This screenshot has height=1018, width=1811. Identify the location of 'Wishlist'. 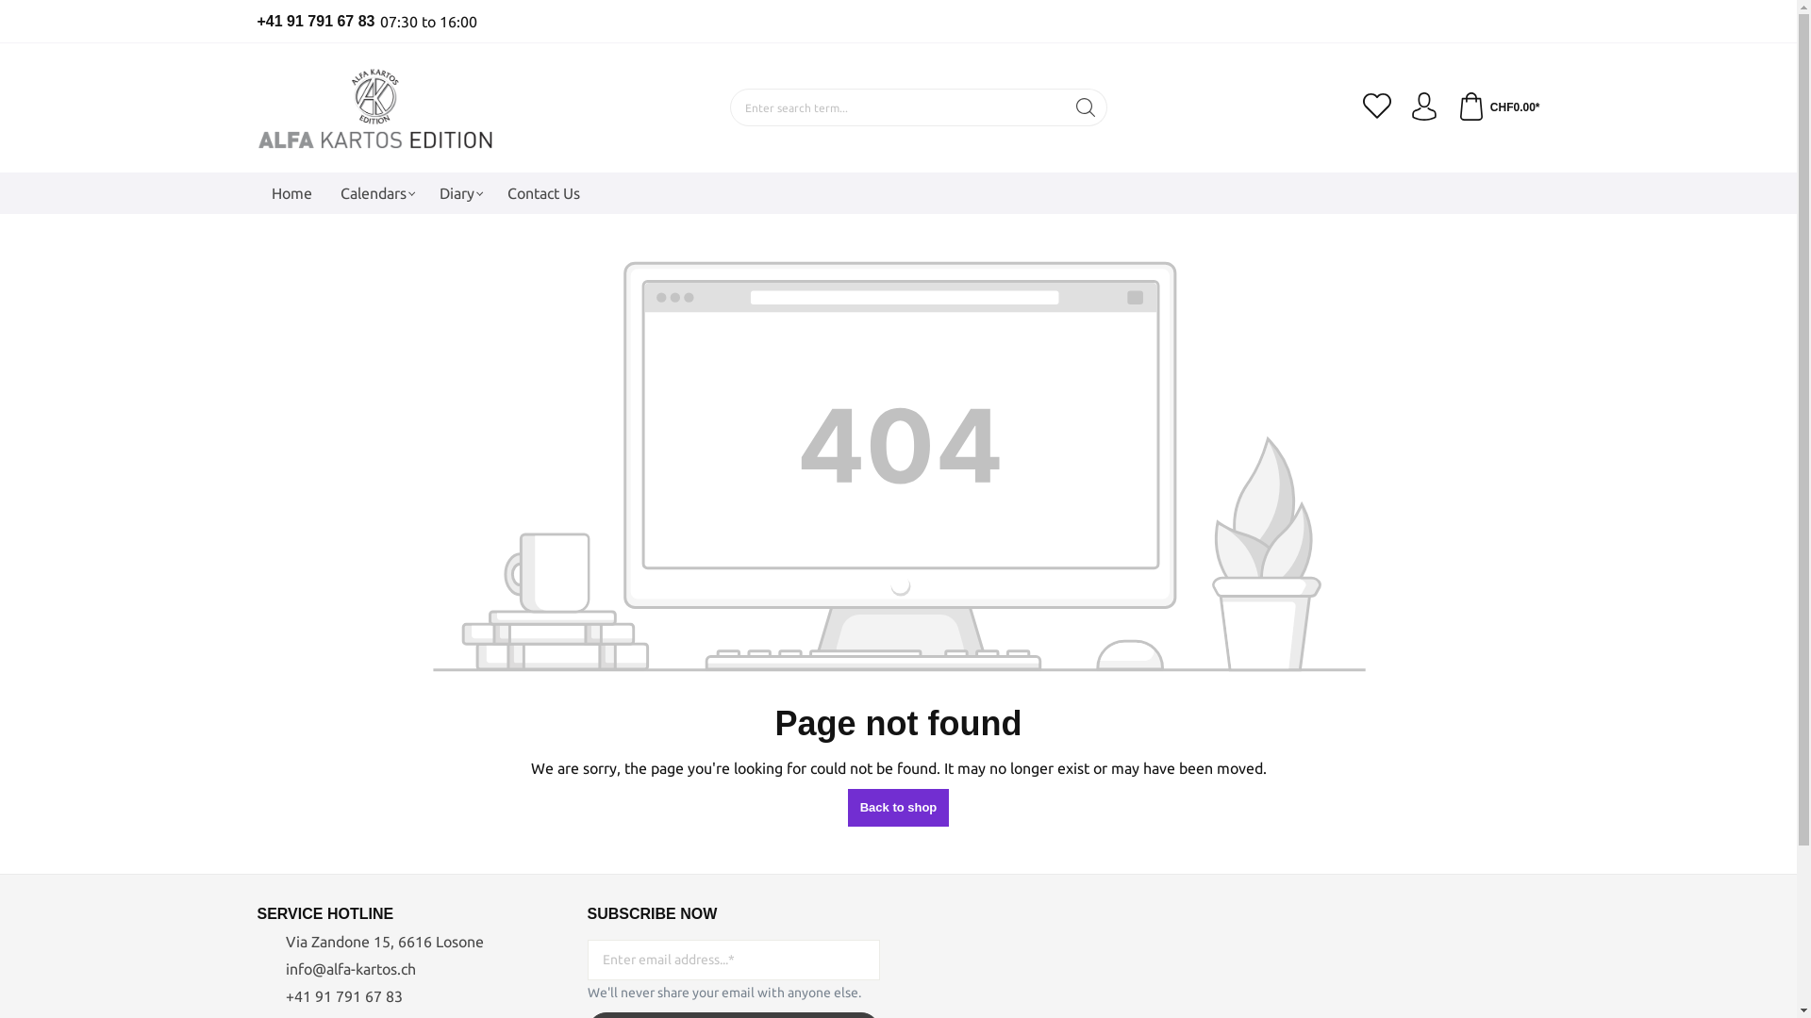
(1376, 107).